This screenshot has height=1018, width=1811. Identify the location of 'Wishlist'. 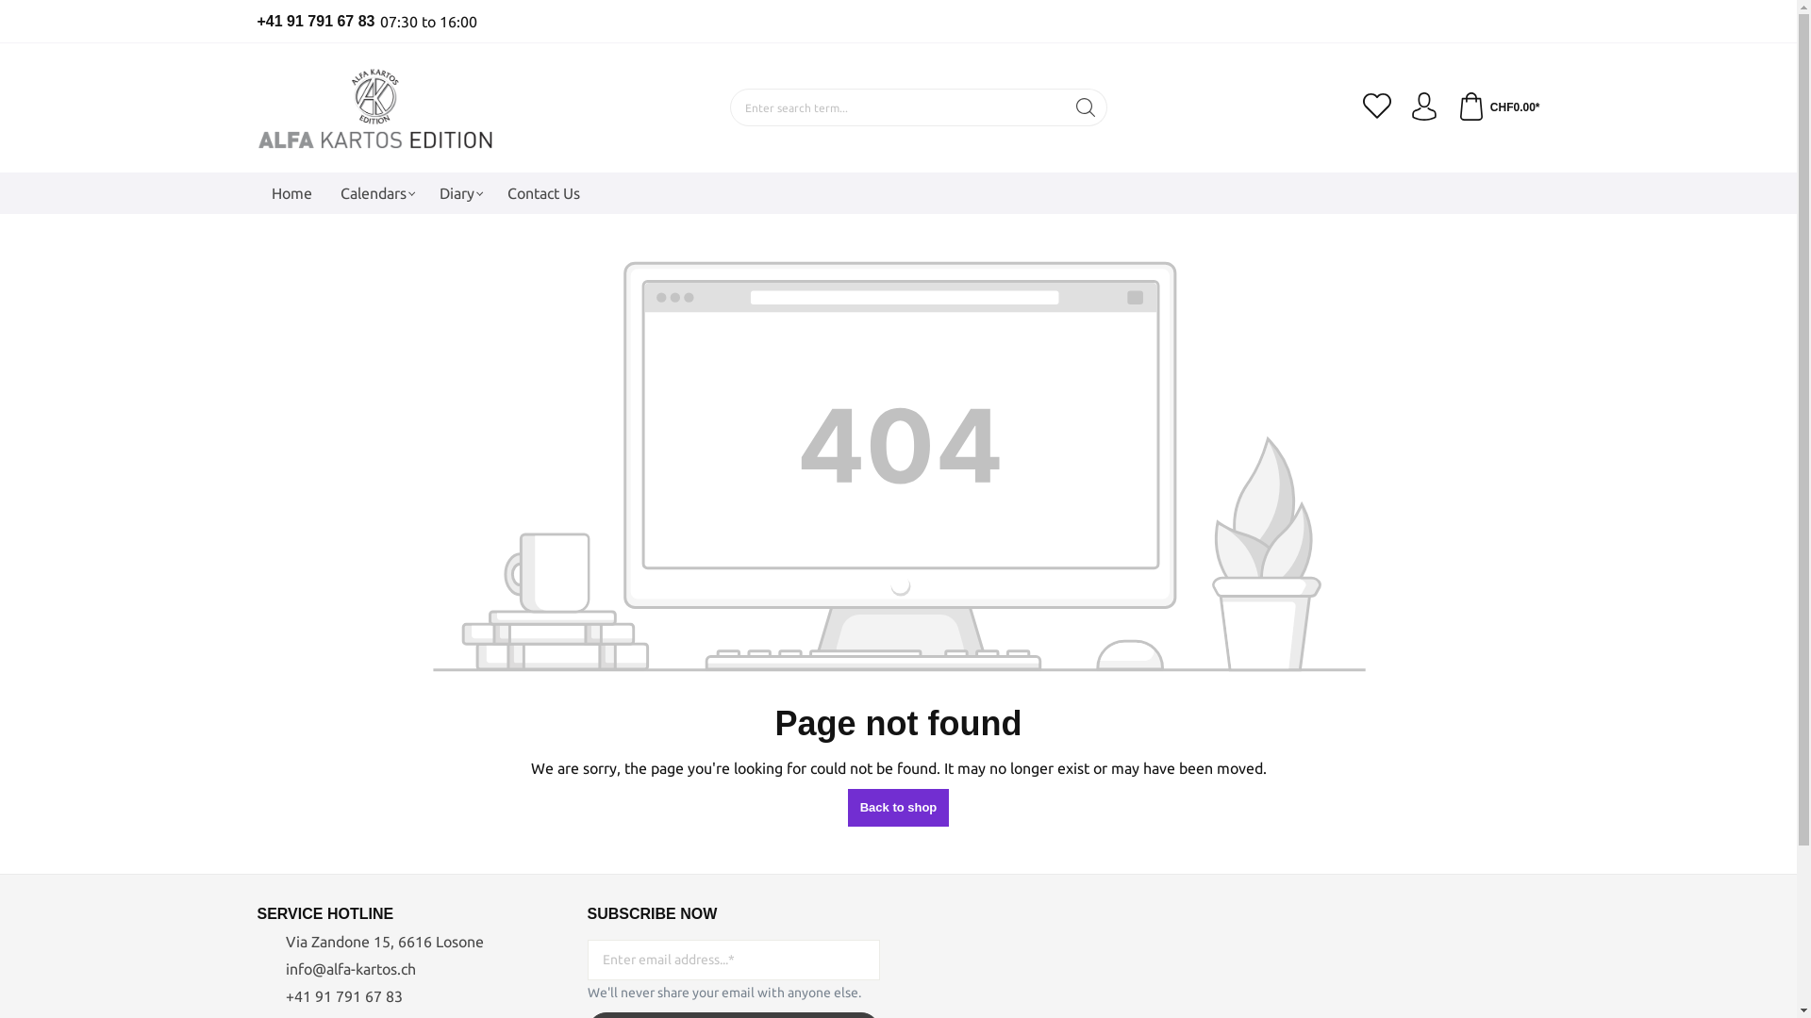
(1376, 107).